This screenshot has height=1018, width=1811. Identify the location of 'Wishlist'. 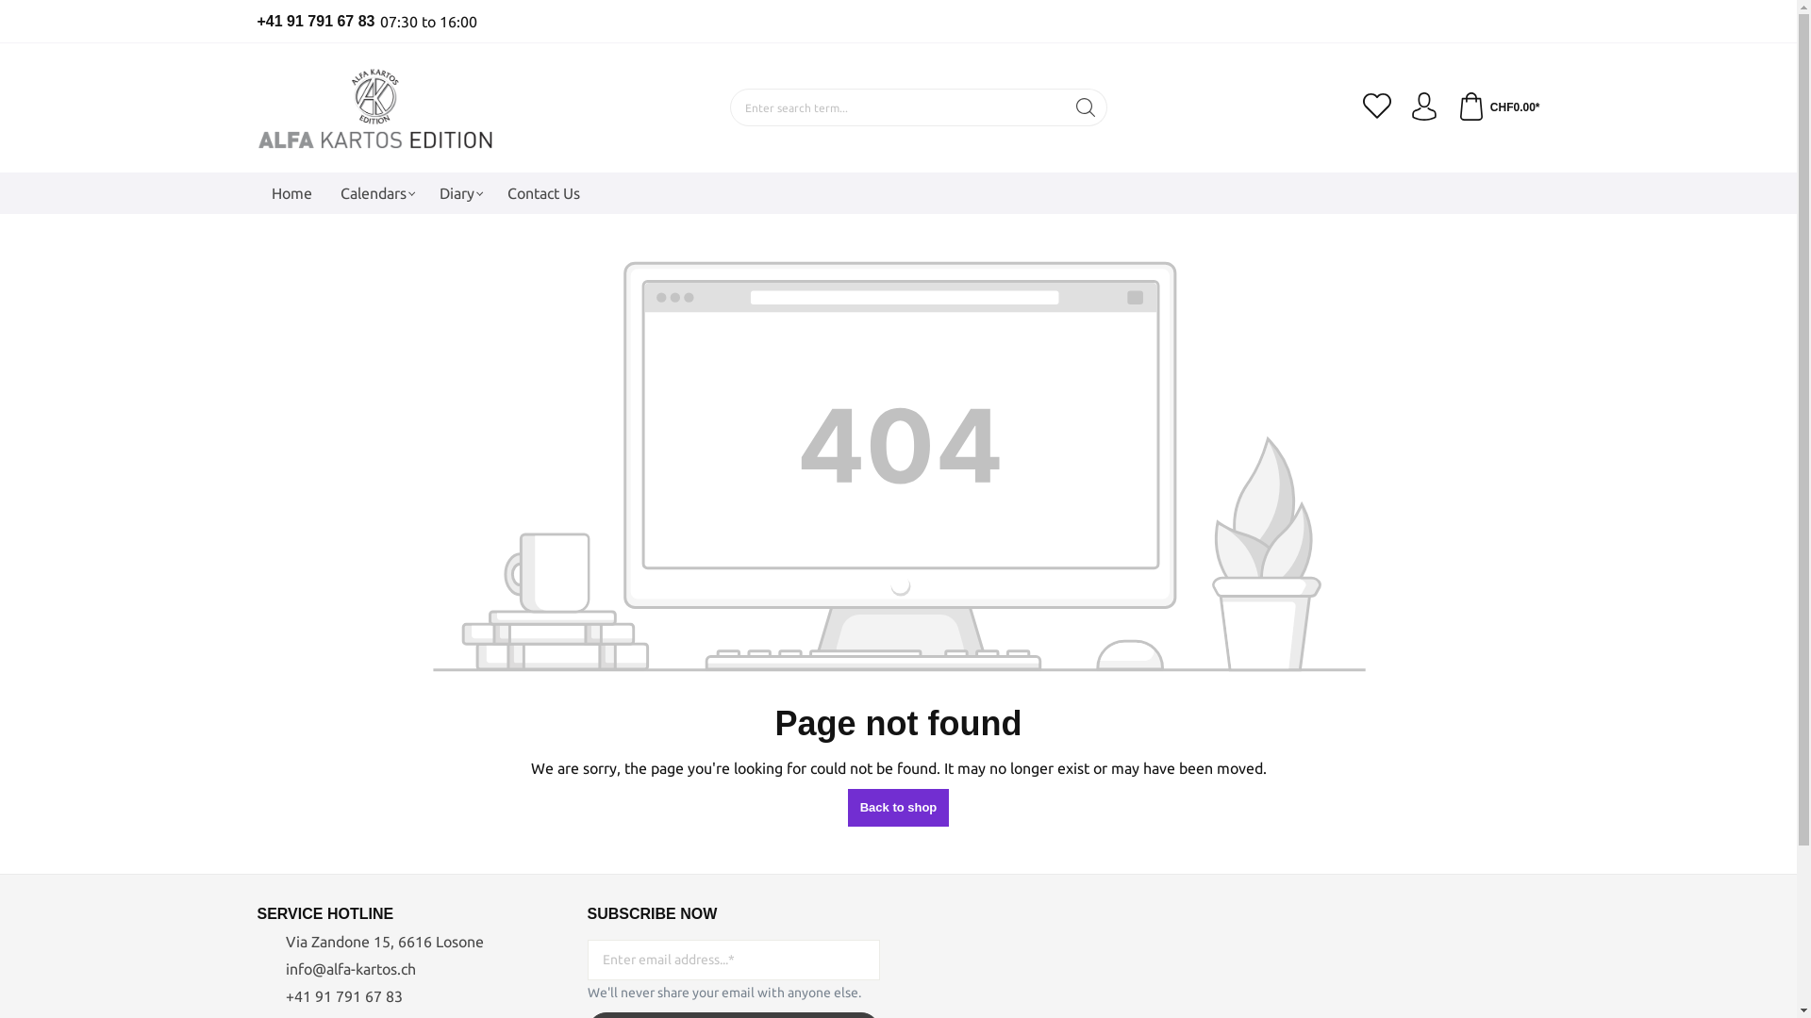
(1376, 107).